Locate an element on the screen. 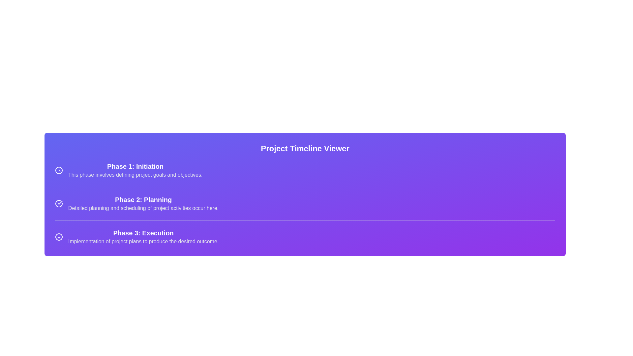 This screenshot has height=356, width=633. information contained in the informational block detailing the planning stage of the project, which is positioned between 'Phase 1: Initiation' and 'Phase 3: Execution' is located at coordinates (143, 203).